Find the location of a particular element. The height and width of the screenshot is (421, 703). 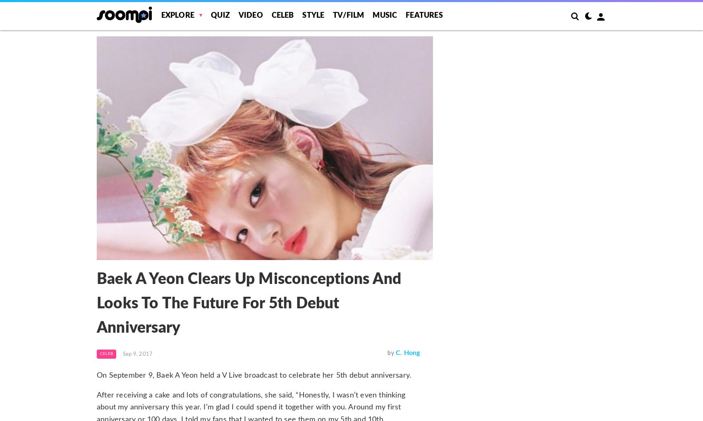

'by' is located at coordinates (390, 352).